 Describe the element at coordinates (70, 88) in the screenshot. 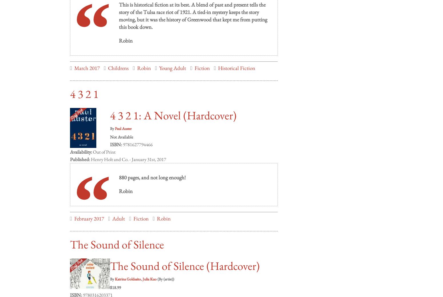

I see `'4 3 2 1'` at that location.